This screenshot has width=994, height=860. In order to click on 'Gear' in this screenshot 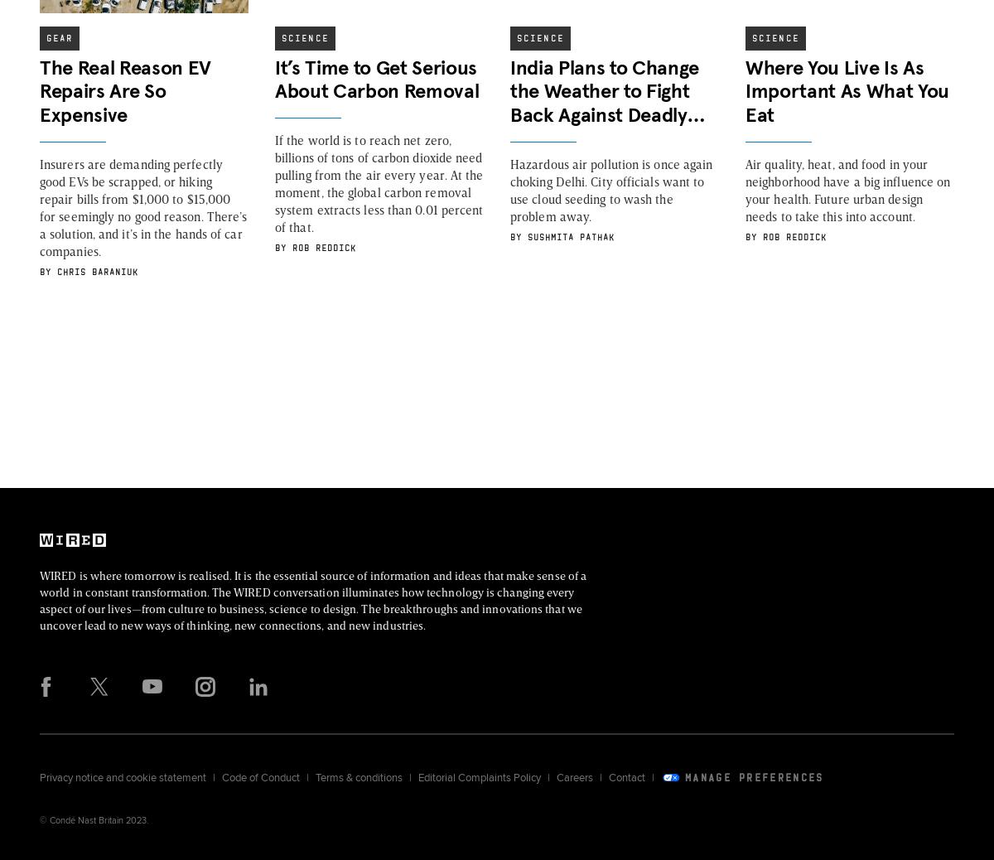, I will do `click(60, 36)`.